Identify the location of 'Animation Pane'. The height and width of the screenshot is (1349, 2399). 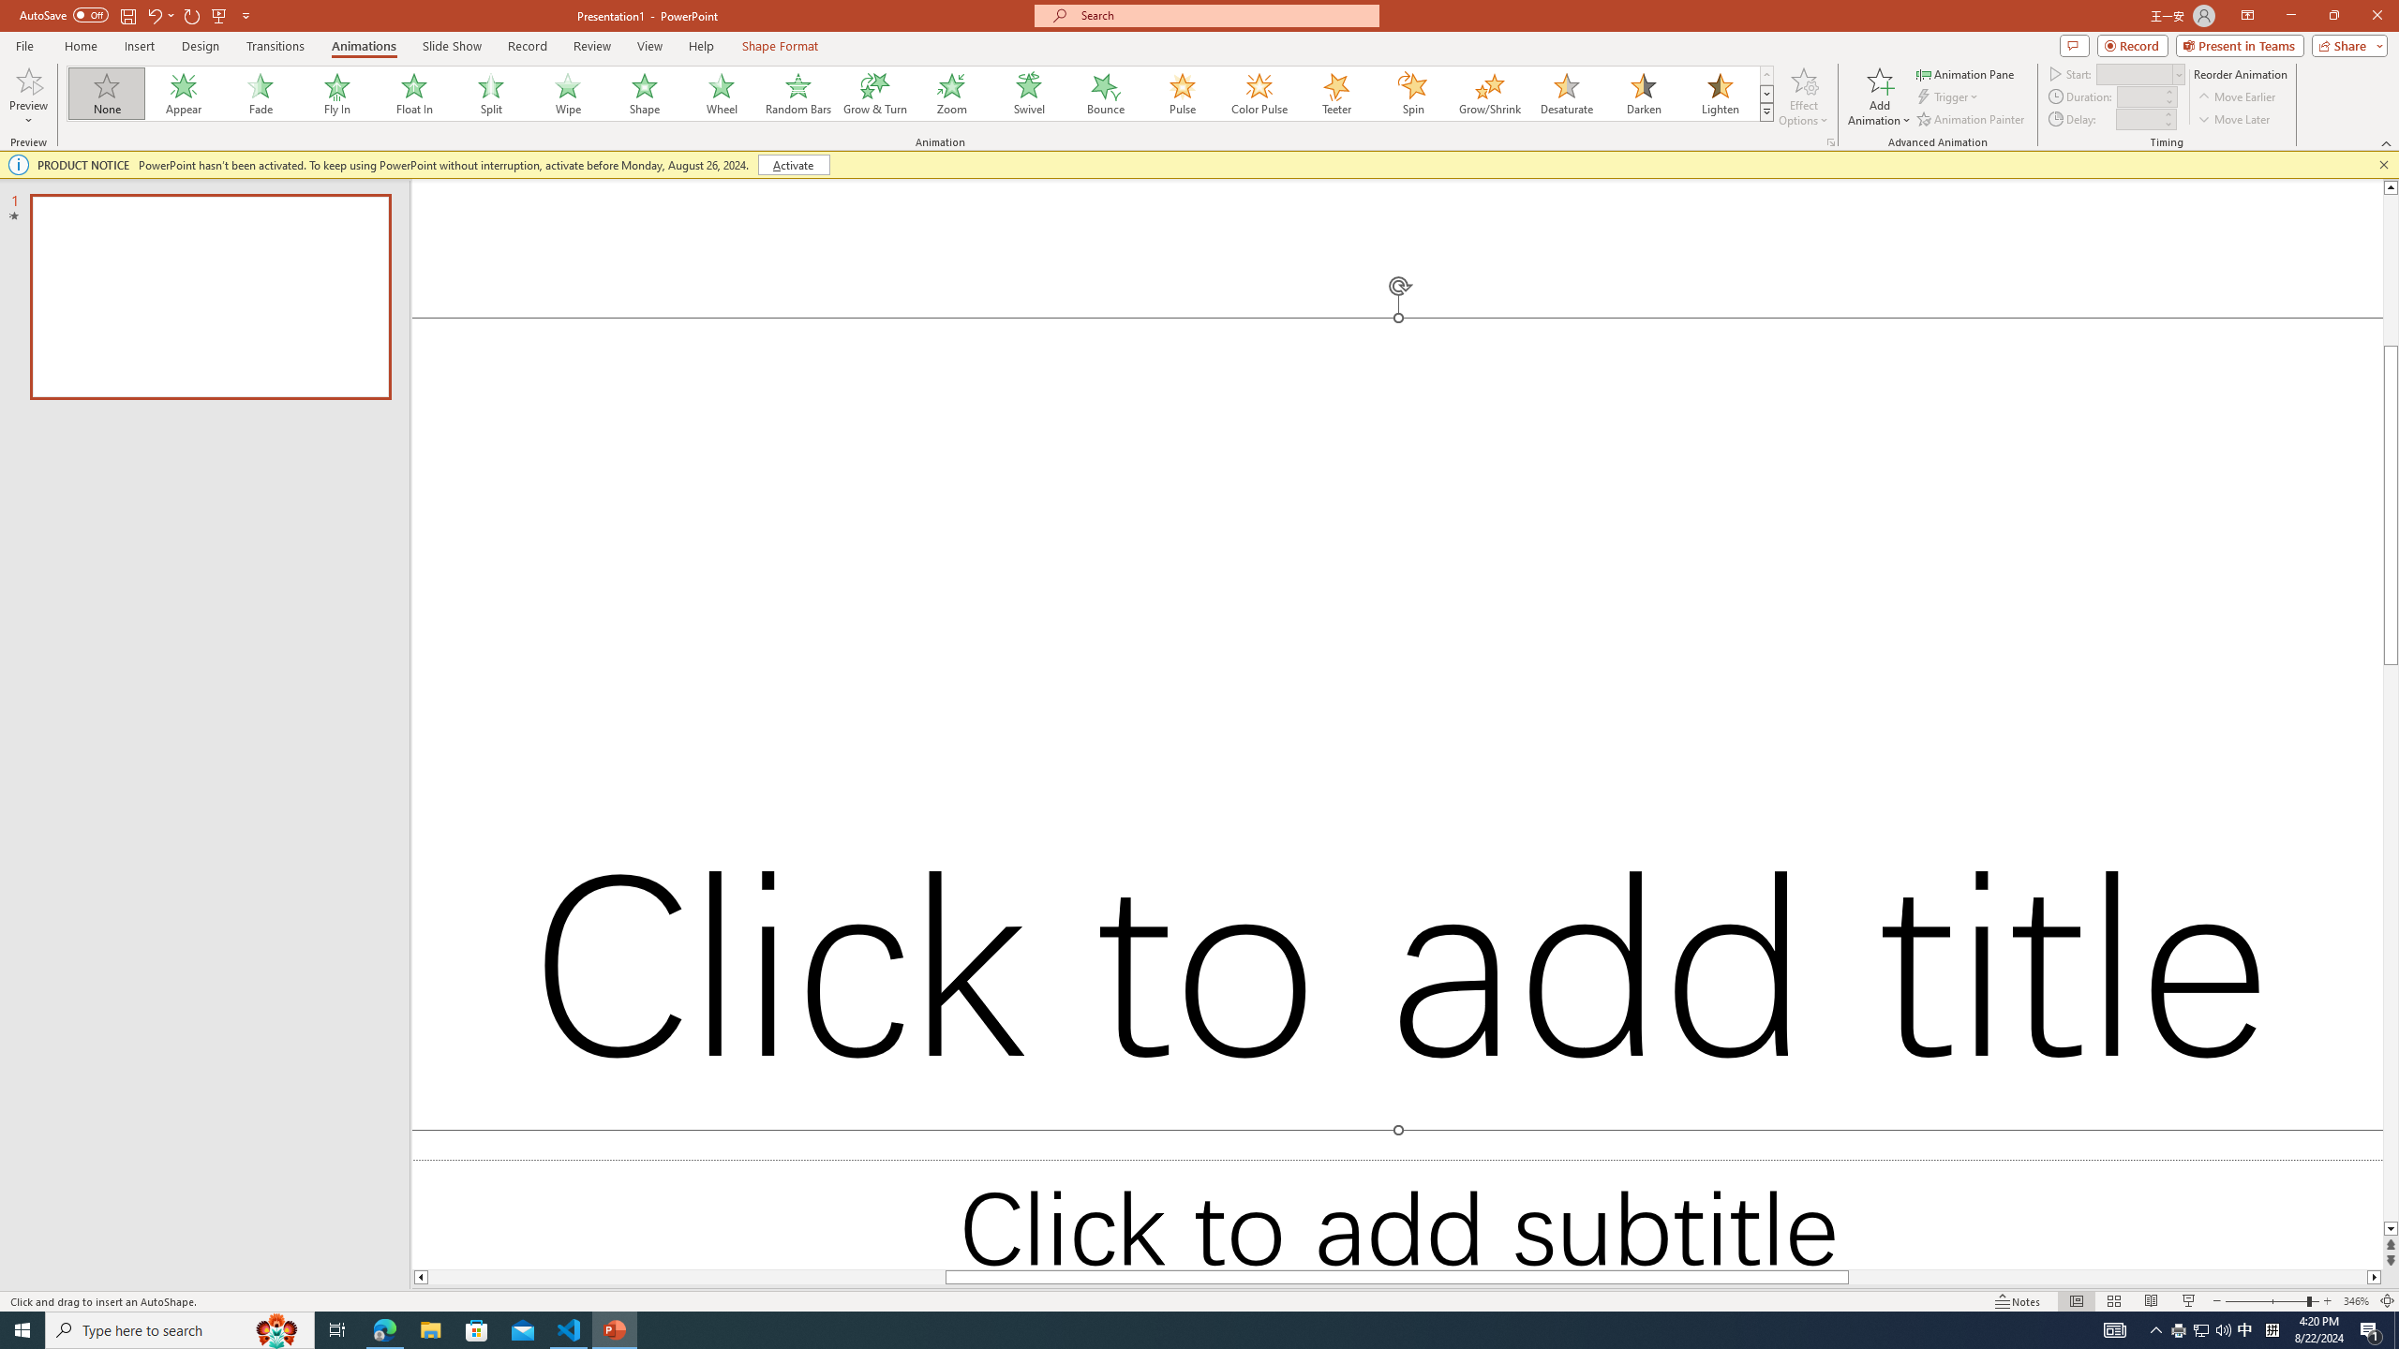
(1967, 73).